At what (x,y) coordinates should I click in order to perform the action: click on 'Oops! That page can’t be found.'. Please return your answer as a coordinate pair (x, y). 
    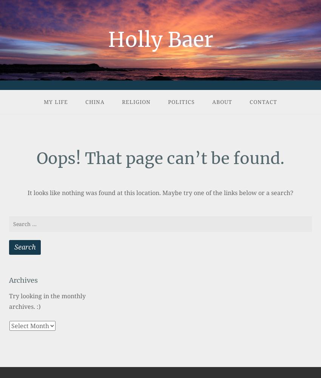
    Looking at the image, I should click on (160, 158).